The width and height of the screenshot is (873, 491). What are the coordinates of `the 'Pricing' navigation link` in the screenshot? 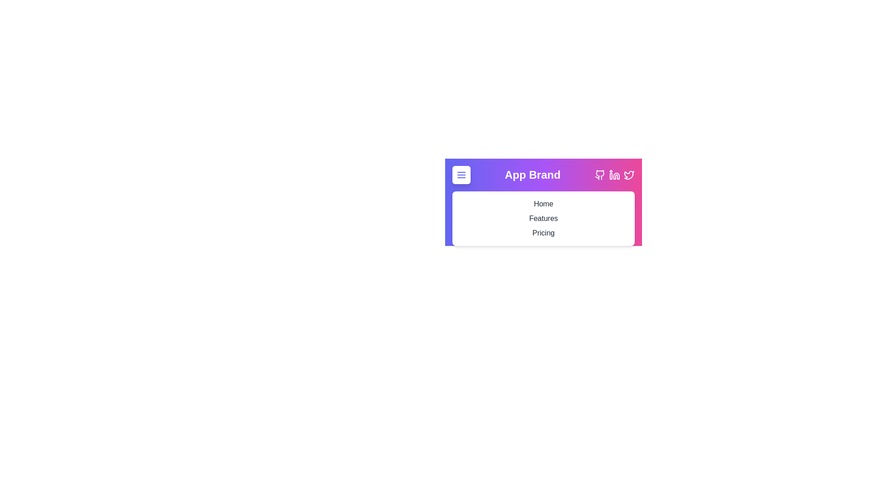 It's located at (543, 233).